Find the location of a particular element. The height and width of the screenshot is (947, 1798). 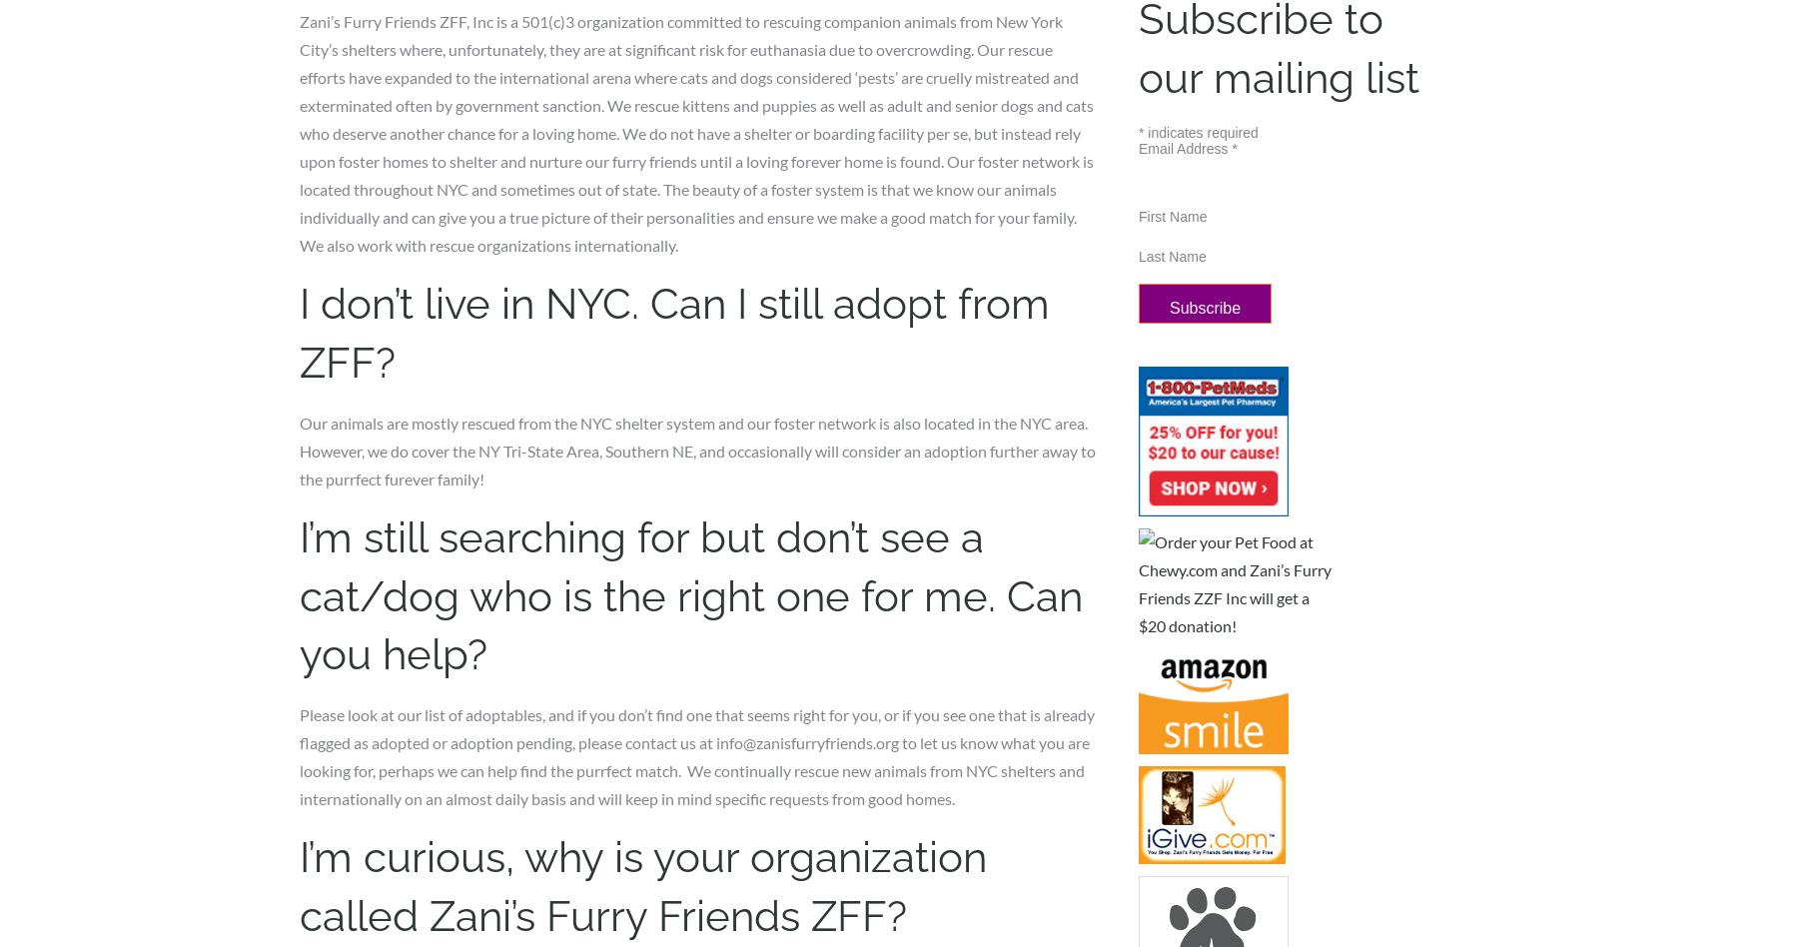

'First Name' is located at coordinates (1137, 214).